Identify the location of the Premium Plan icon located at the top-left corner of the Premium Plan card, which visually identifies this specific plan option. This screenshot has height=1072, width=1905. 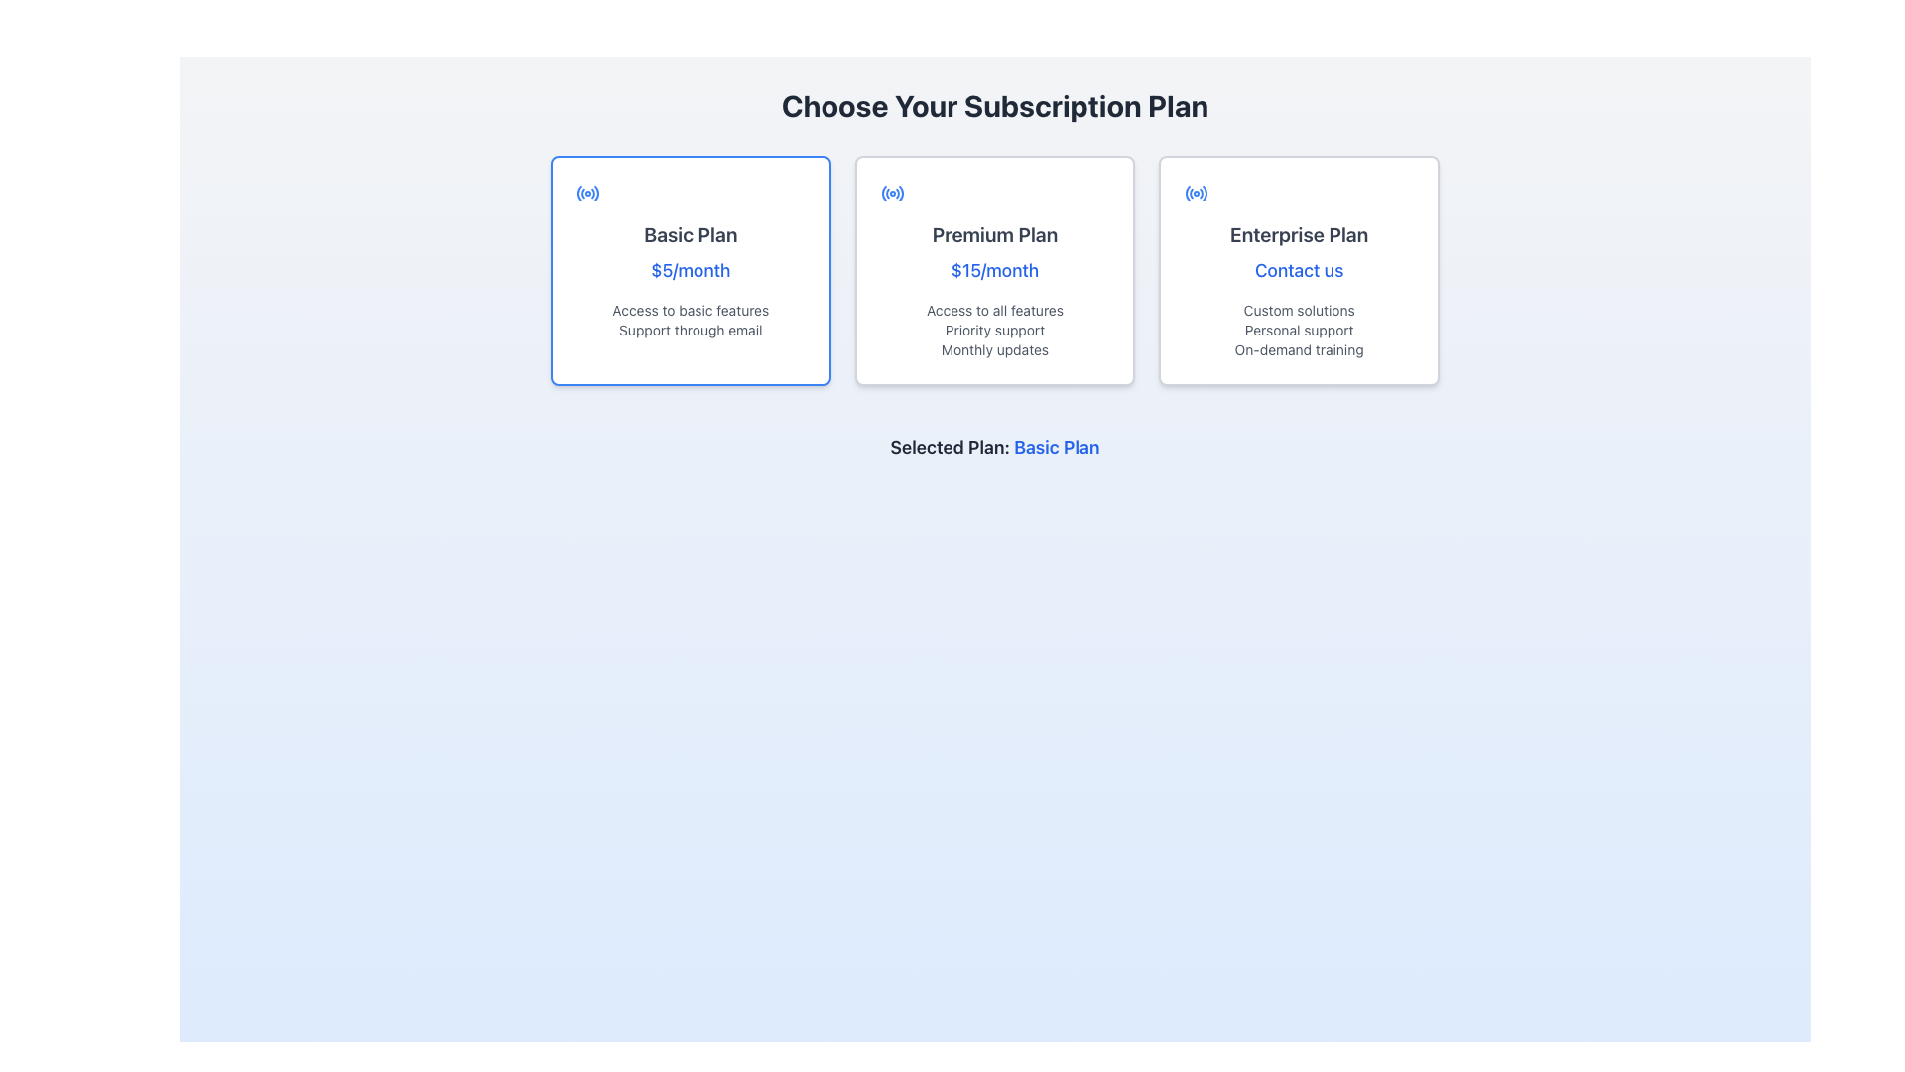
(891, 194).